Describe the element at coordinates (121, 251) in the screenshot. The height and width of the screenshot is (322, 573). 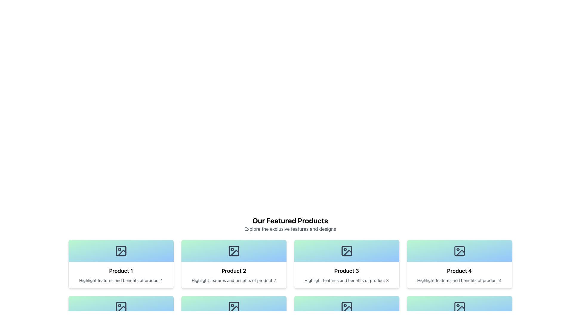
I see `the Decorative Section with a gradient background and a gray mountain and sun icon, located at the top center of the 'Product 1' card` at that location.